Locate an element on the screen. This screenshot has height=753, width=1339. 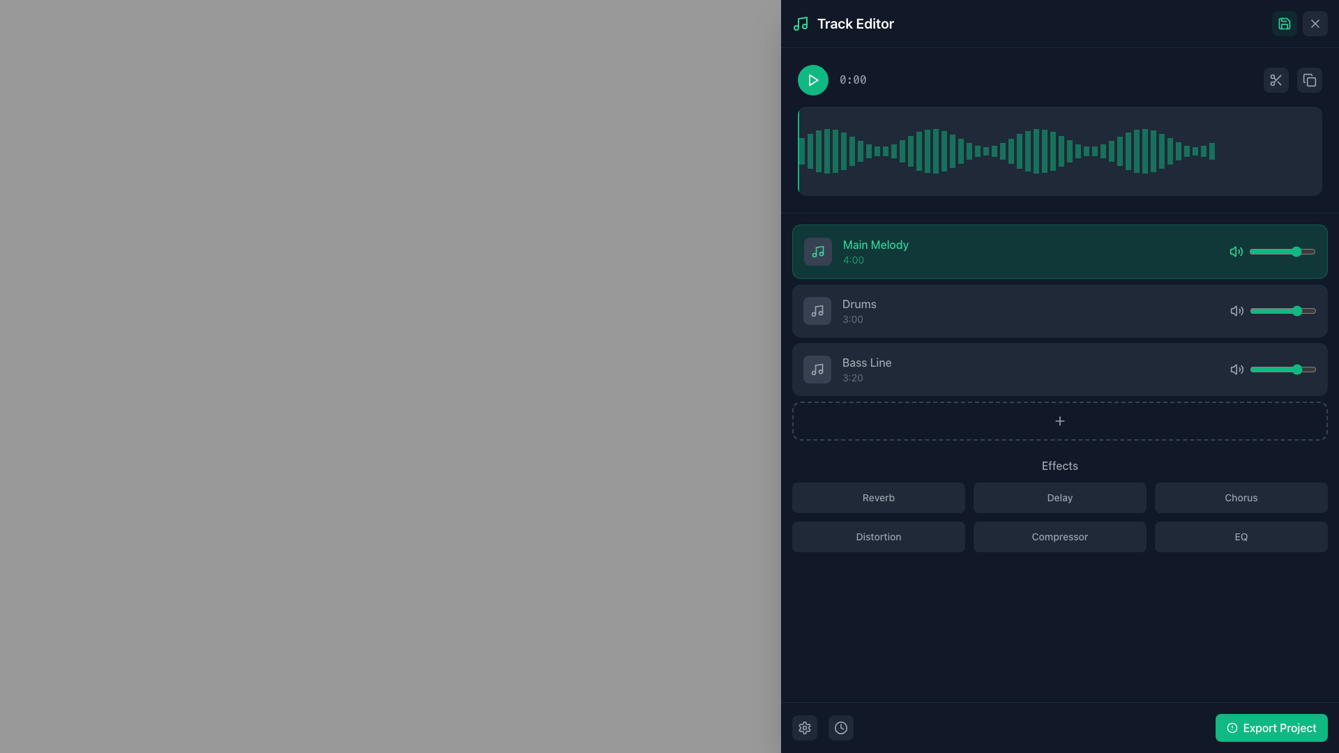
the slider value is located at coordinates (1303, 252).